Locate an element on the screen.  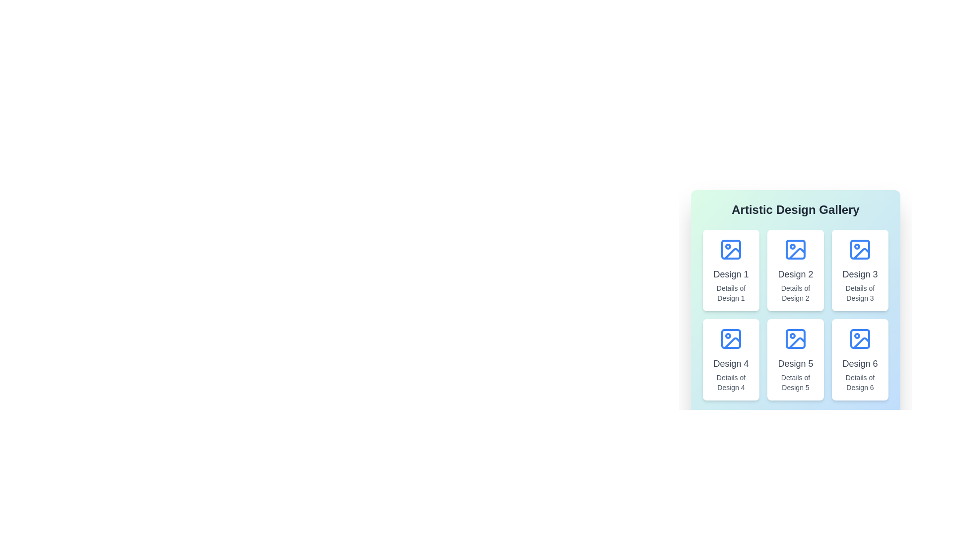
the card representing 'Design 2', which is located in the second column of the first row within a 3-column grid layout, to interact with it is located at coordinates (796, 270).